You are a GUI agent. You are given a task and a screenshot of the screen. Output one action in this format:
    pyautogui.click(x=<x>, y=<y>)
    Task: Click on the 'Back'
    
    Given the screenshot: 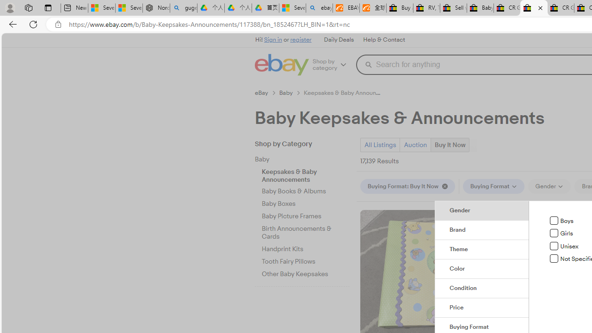 What is the action you would take?
    pyautogui.click(x=11, y=24)
    